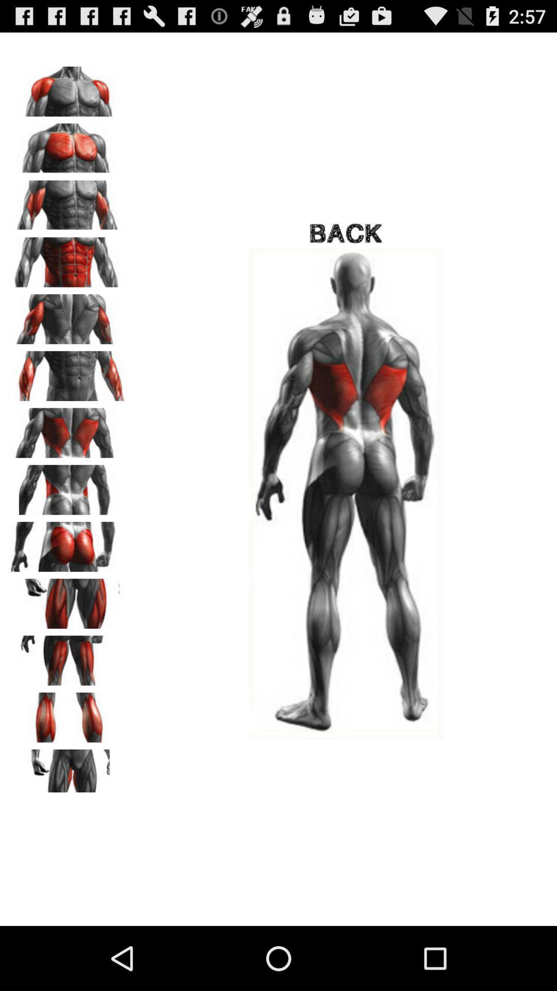 The image size is (557, 991). I want to click on area, so click(68, 429).